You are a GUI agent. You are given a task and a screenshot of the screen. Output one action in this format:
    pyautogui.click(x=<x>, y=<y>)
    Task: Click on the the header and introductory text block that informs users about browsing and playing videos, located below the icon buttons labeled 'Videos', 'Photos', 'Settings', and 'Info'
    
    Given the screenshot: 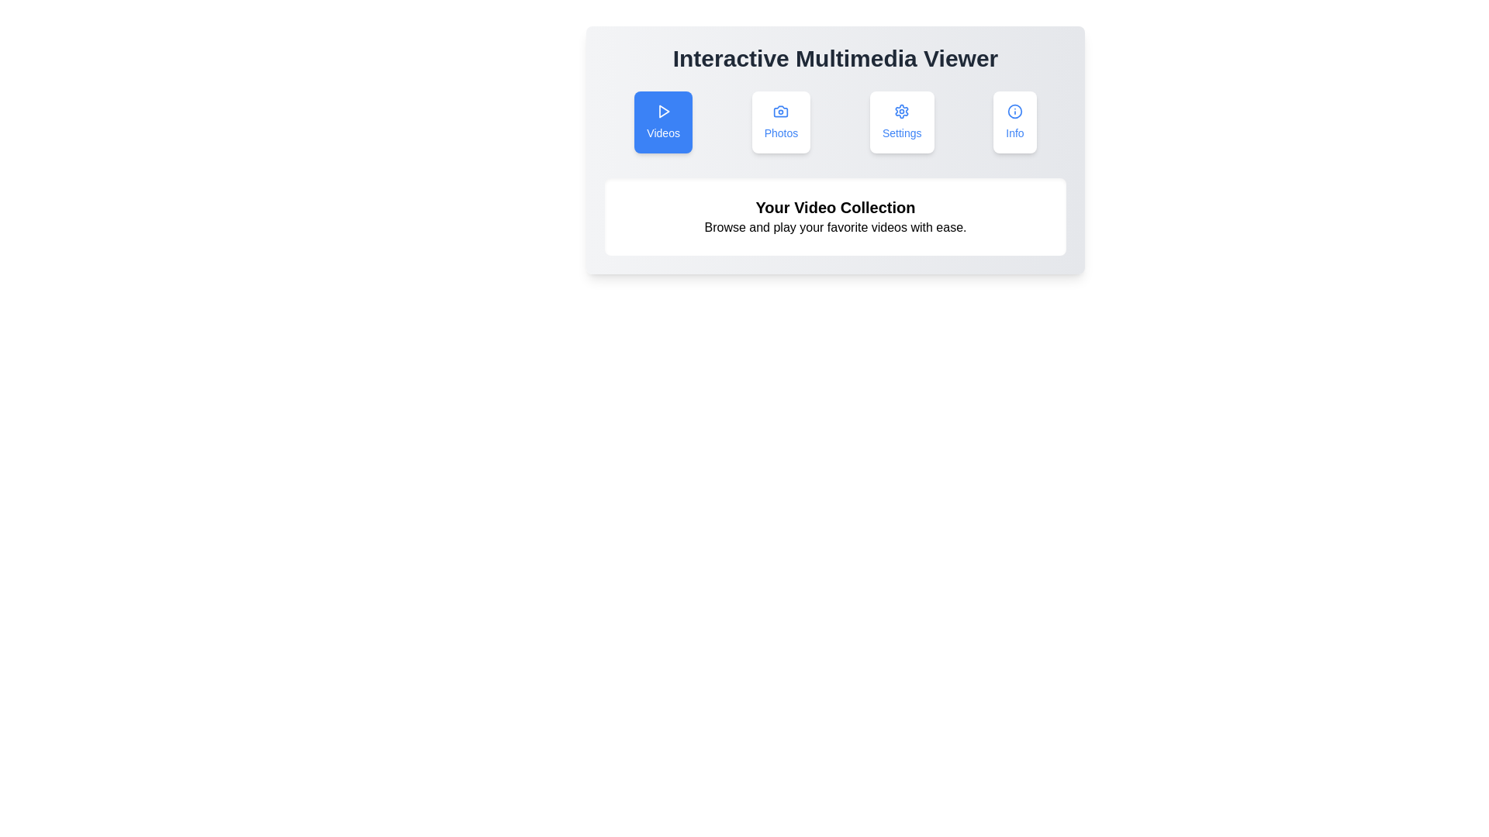 What is the action you would take?
    pyautogui.click(x=834, y=217)
    